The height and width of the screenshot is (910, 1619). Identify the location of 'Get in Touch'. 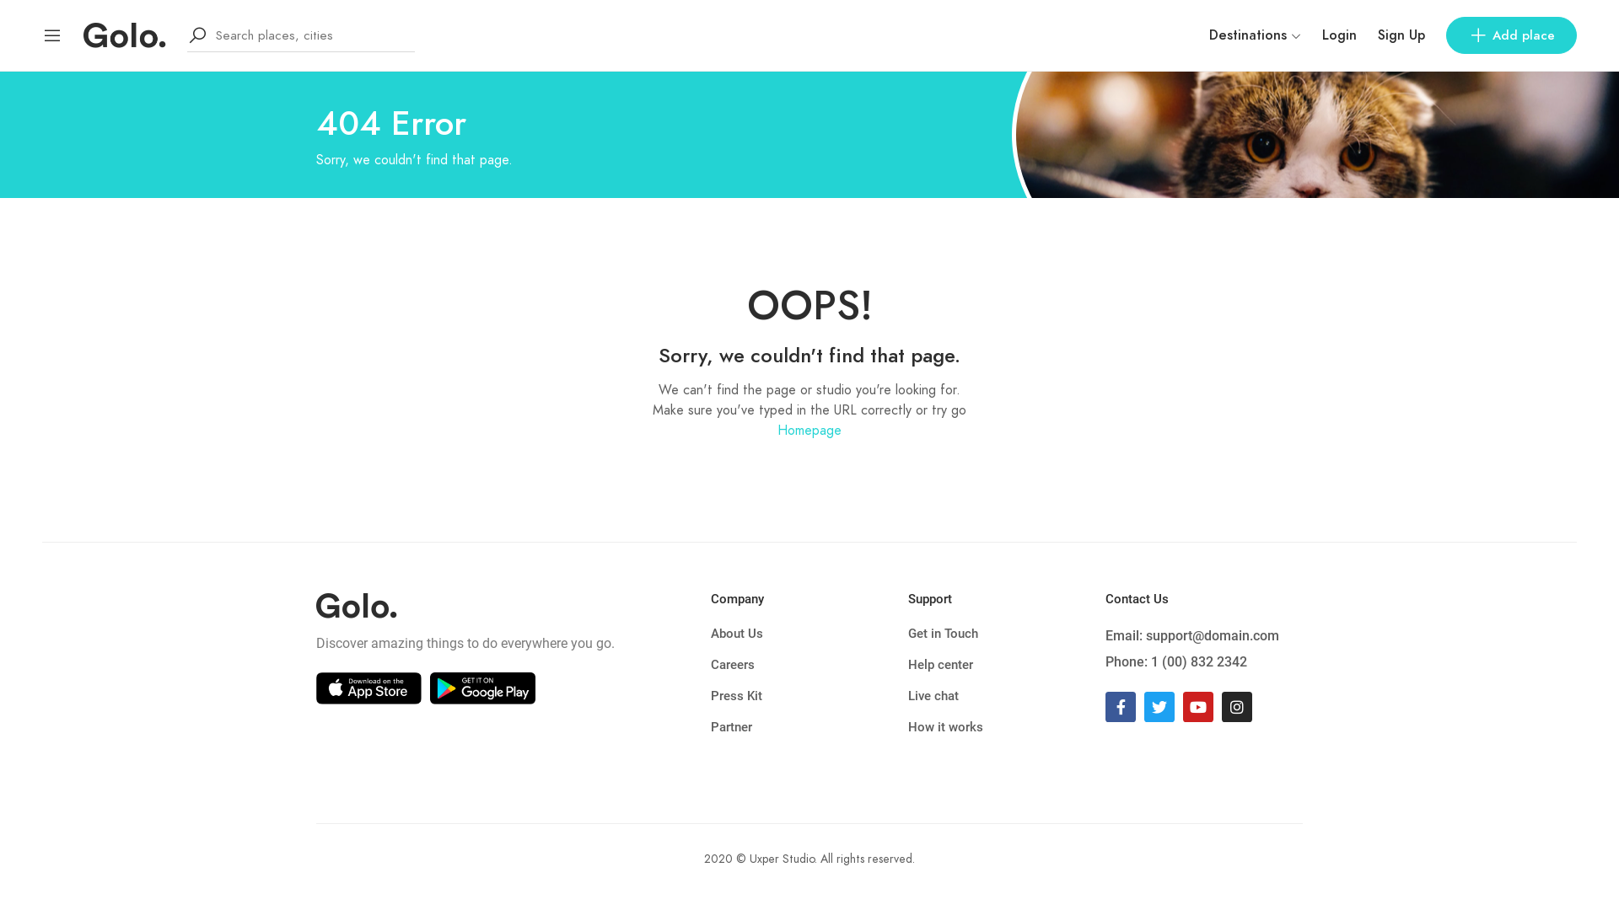
(1007, 634).